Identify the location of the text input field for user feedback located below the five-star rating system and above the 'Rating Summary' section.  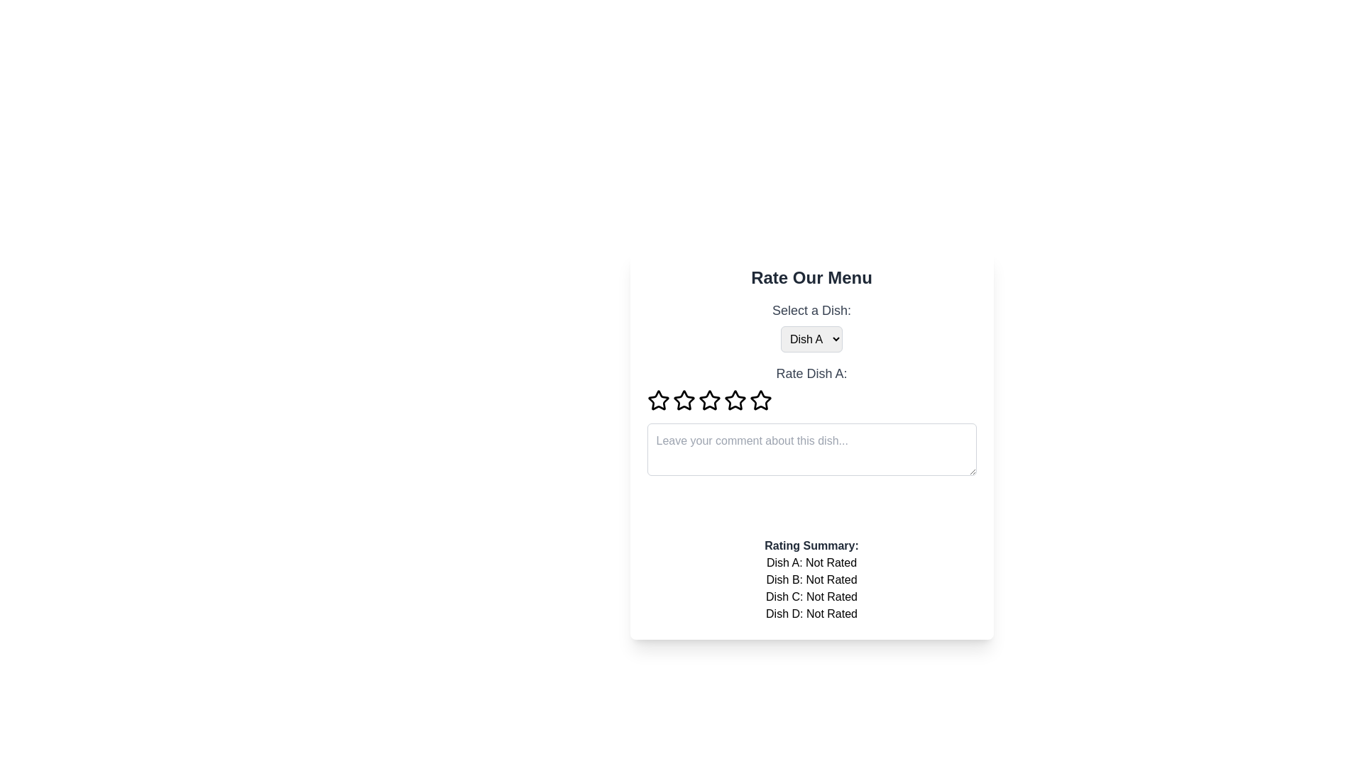
(811, 449).